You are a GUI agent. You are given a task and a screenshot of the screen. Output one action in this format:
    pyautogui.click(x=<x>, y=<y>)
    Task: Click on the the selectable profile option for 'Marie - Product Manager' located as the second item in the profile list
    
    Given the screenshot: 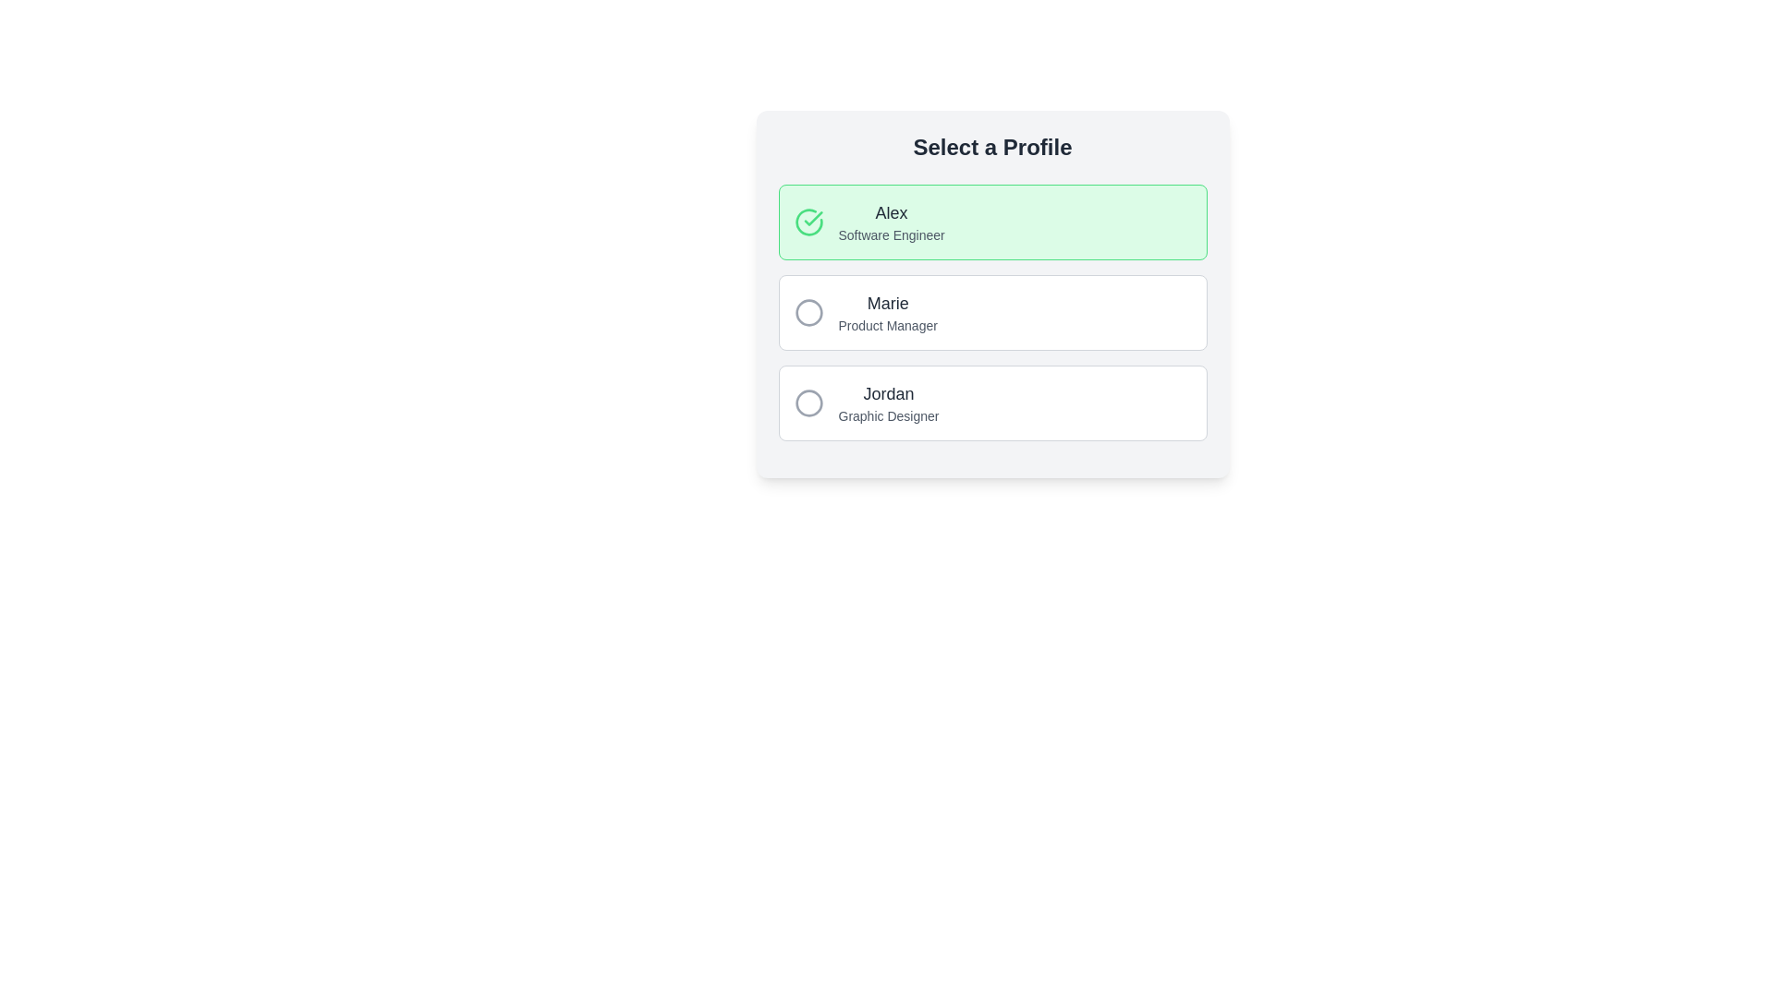 What is the action you would take?
    pyautogui.click(x=991, y=294)
    